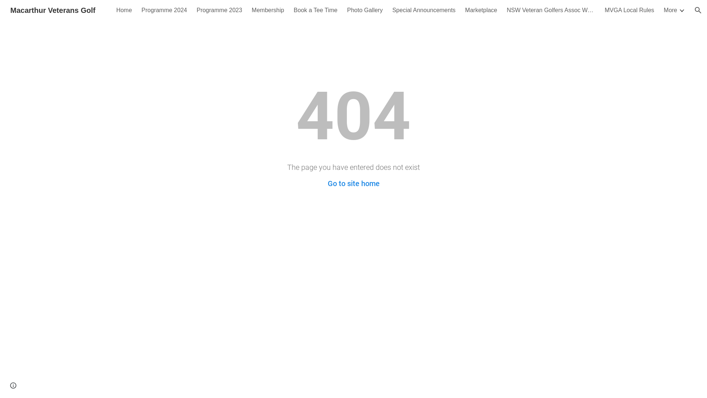 This screenshot has width=707, height=398. Describe the element at coordinates (629, 10) in the screenshot. I see `'MVGA Local Rules'` at that location.